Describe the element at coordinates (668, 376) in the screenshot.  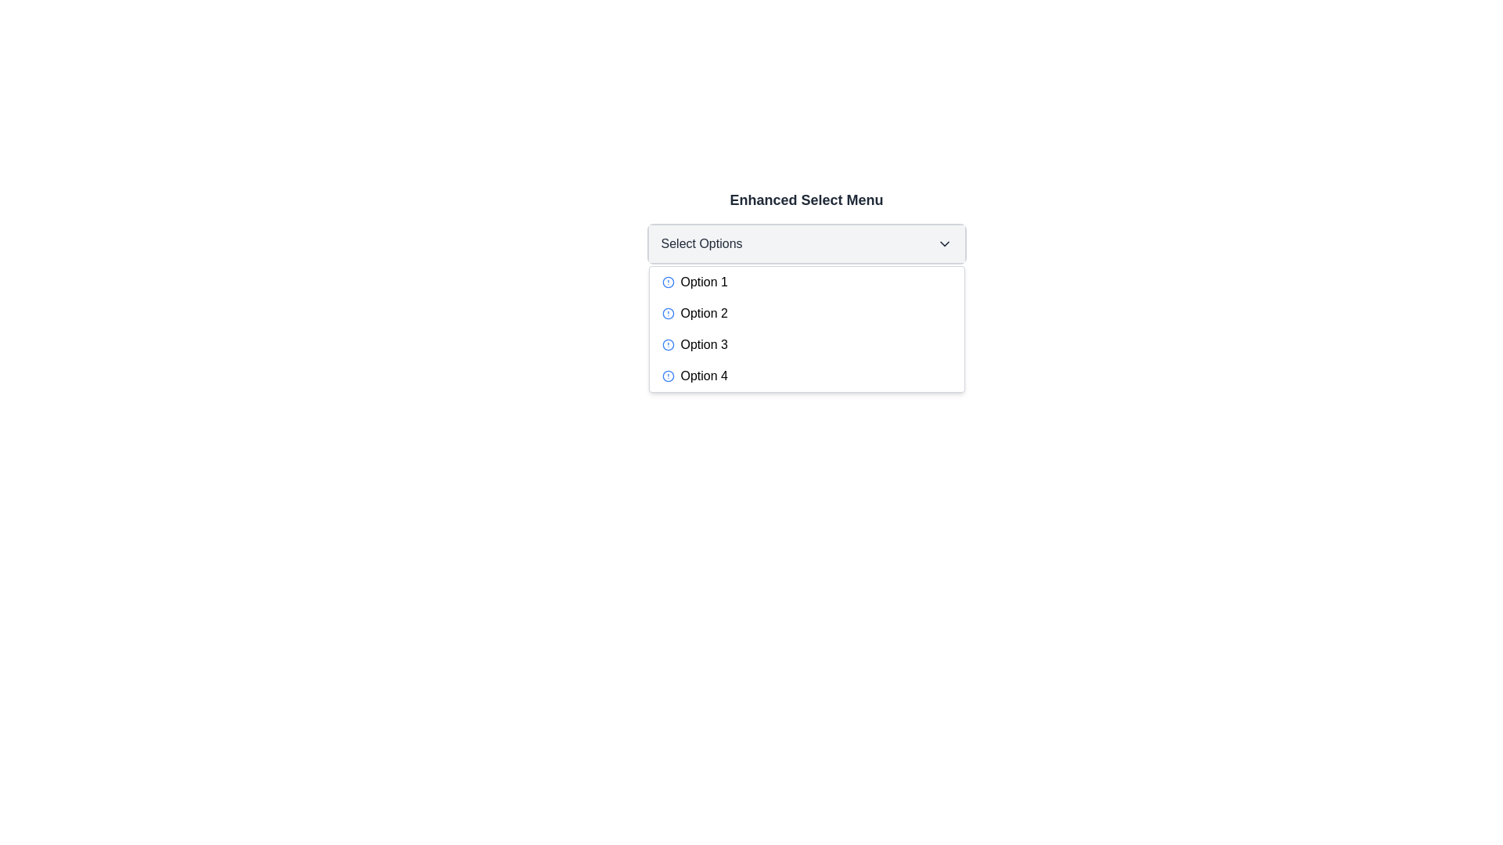
I see `the blue circular SVG icon located to the left of the text 'Option 4' in the fourth option of the 'Enhanced Select Menu' dropdown` at that location.